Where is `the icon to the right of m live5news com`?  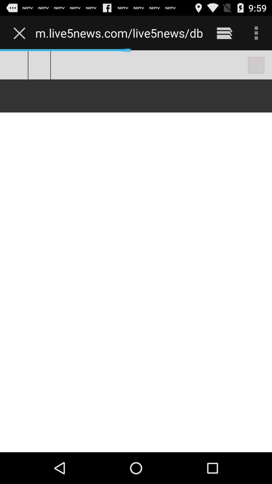
the icon to the right of m live5news com is located at coordinates (224, 33).